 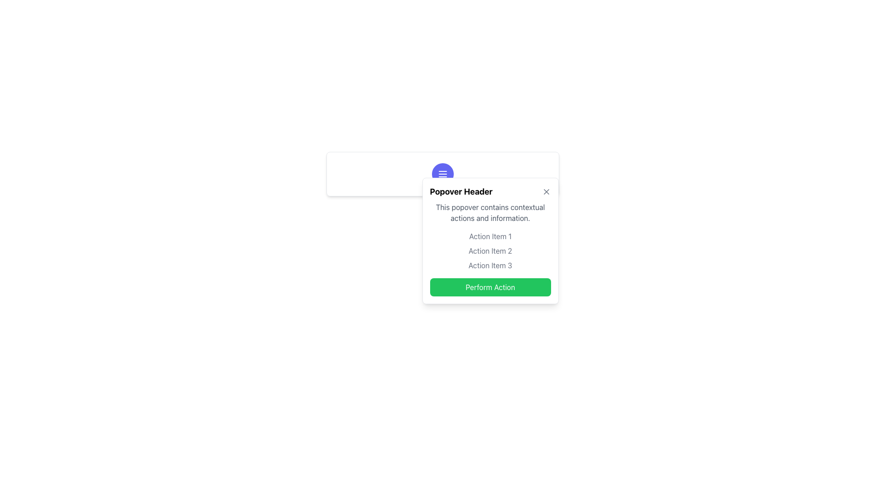 I want to click on the rectangular button with a green background and white text 'Perform Action' located at the bottom of the popover, below three labeled action items, so click(x=490, y=287).